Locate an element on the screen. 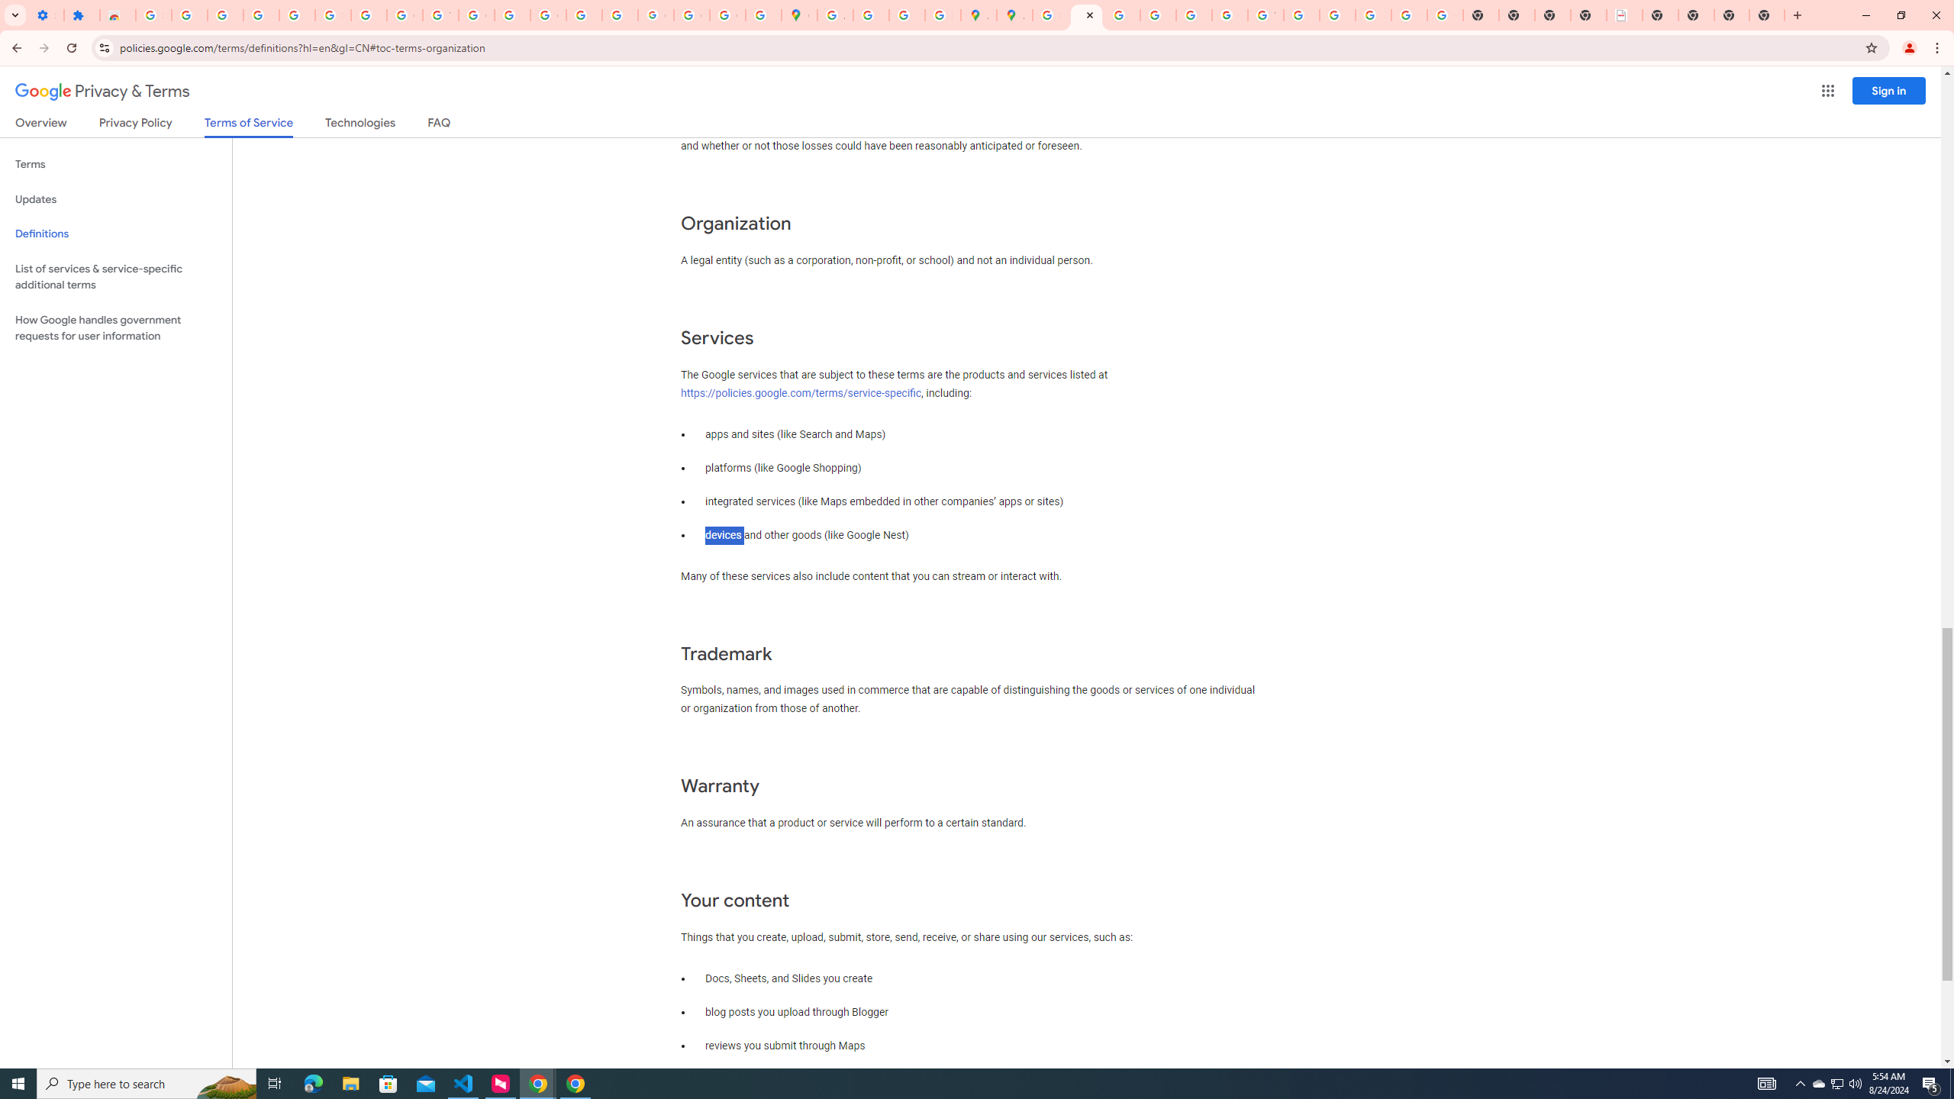  'Safety in Our Products - Google Safety Center' is located at coordinates (943, 15).